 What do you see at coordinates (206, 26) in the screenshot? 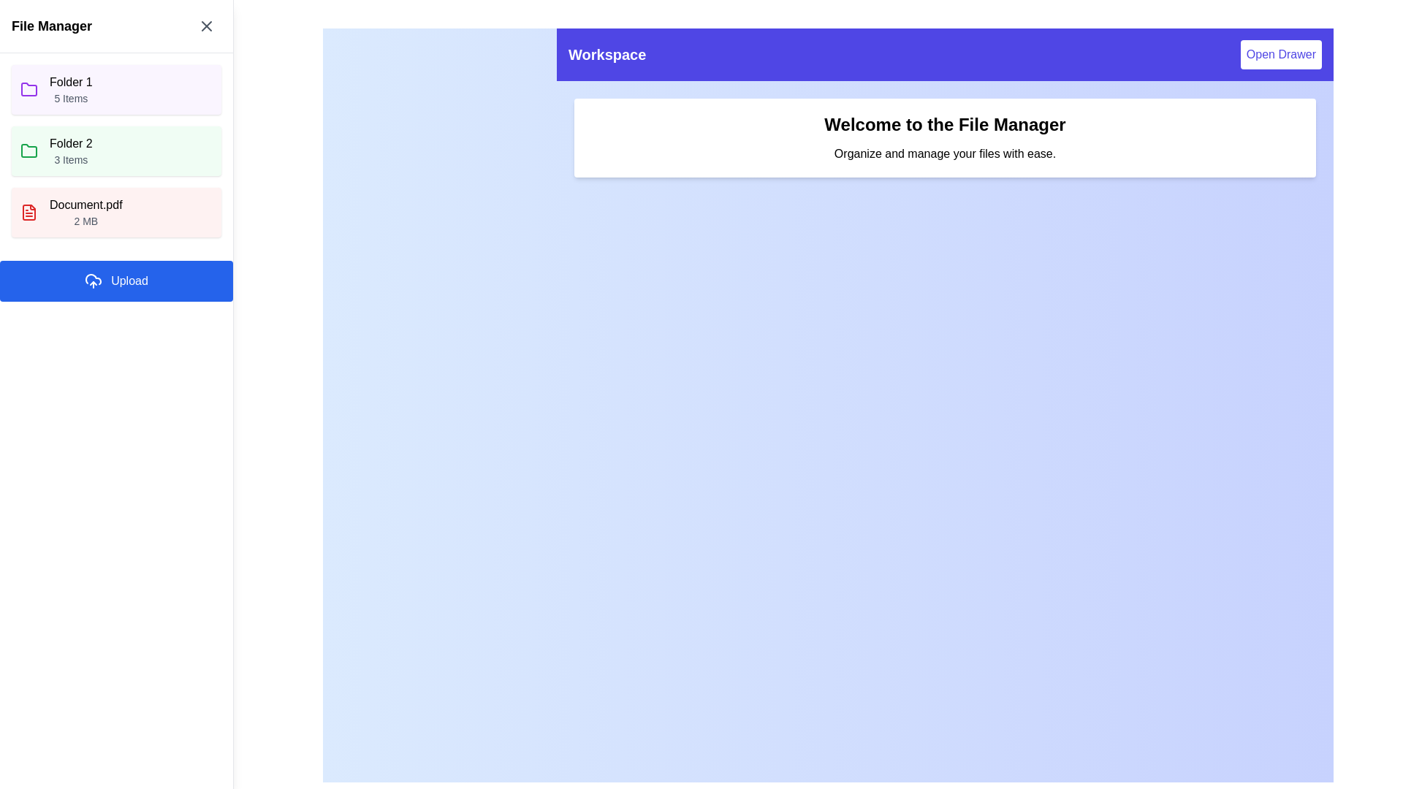
I see `the small circular button with an 'X' icon located at the top-right corner of the File Manager header for keyboard interaction` at bounding box center [206, 26].